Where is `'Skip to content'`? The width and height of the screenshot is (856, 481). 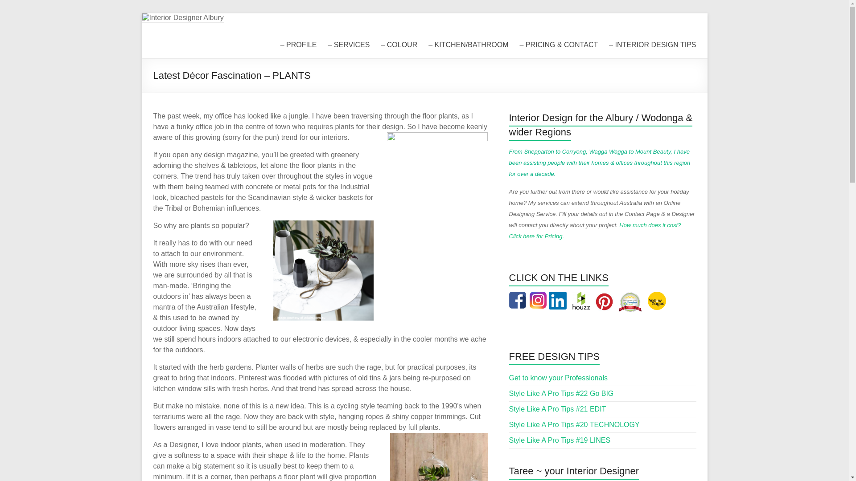
'Skip to content' is located at coordinates (141, 13).